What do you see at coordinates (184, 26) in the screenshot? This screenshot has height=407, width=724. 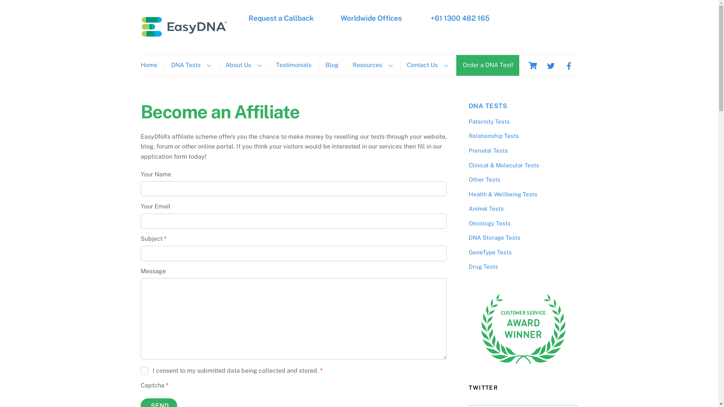 I see `'EasyDNA_Colour_Horizontal.png (2)'` at bounding box center [184, 26].